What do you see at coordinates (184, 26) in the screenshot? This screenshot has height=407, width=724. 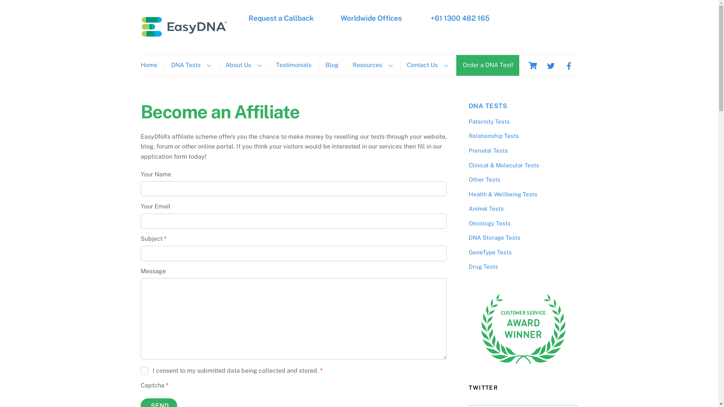 I see `'EasyDNA_Colour_Horizontal.png (2)'` at bounding box center [184, 26].